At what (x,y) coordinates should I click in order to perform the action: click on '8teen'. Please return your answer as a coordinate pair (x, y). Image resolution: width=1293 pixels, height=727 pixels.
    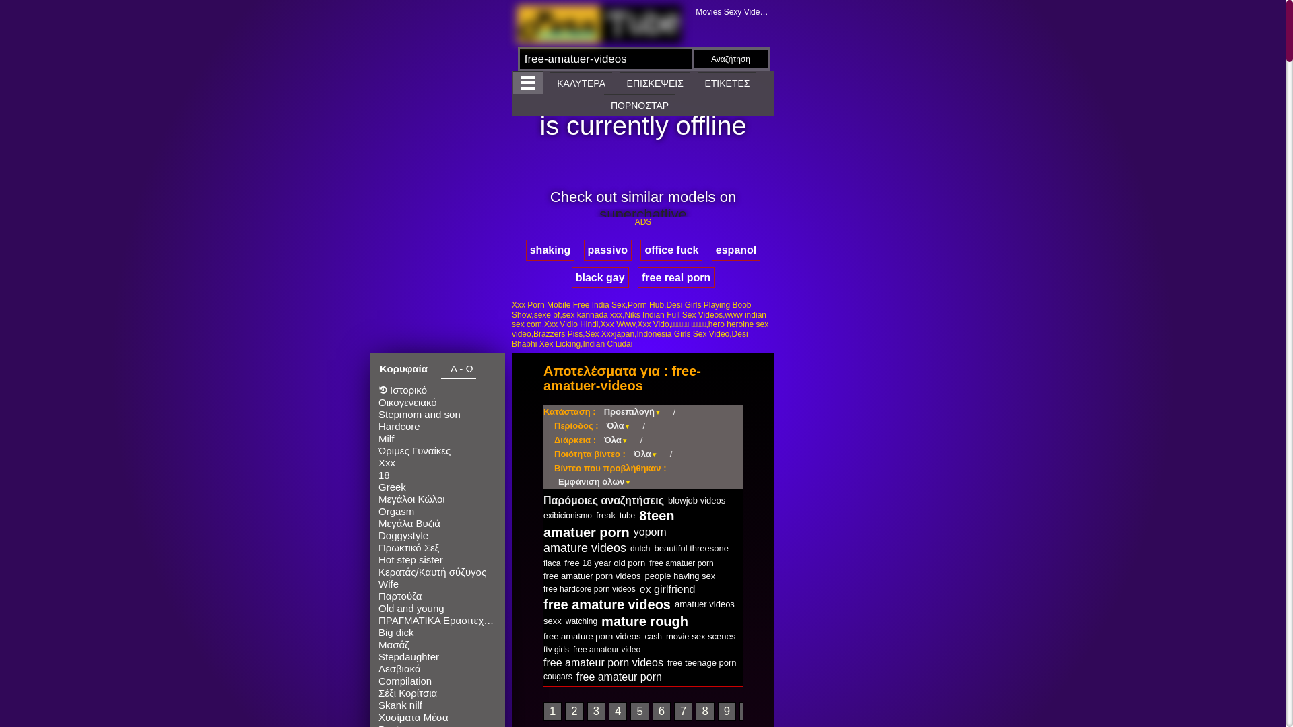
    Looking at the image, I should click on (656, 515).